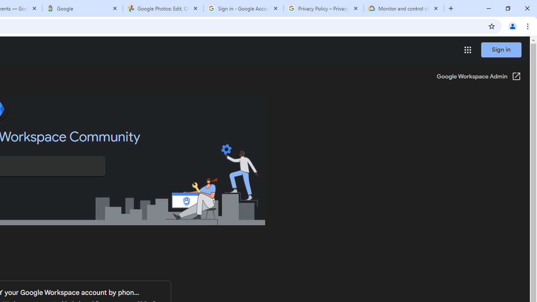 The image size is (537, 302). Describe the element at coordinates (479, 77) in the screenshot. I see `'Google Workspace Admin (Open in a new window)'` at that location.